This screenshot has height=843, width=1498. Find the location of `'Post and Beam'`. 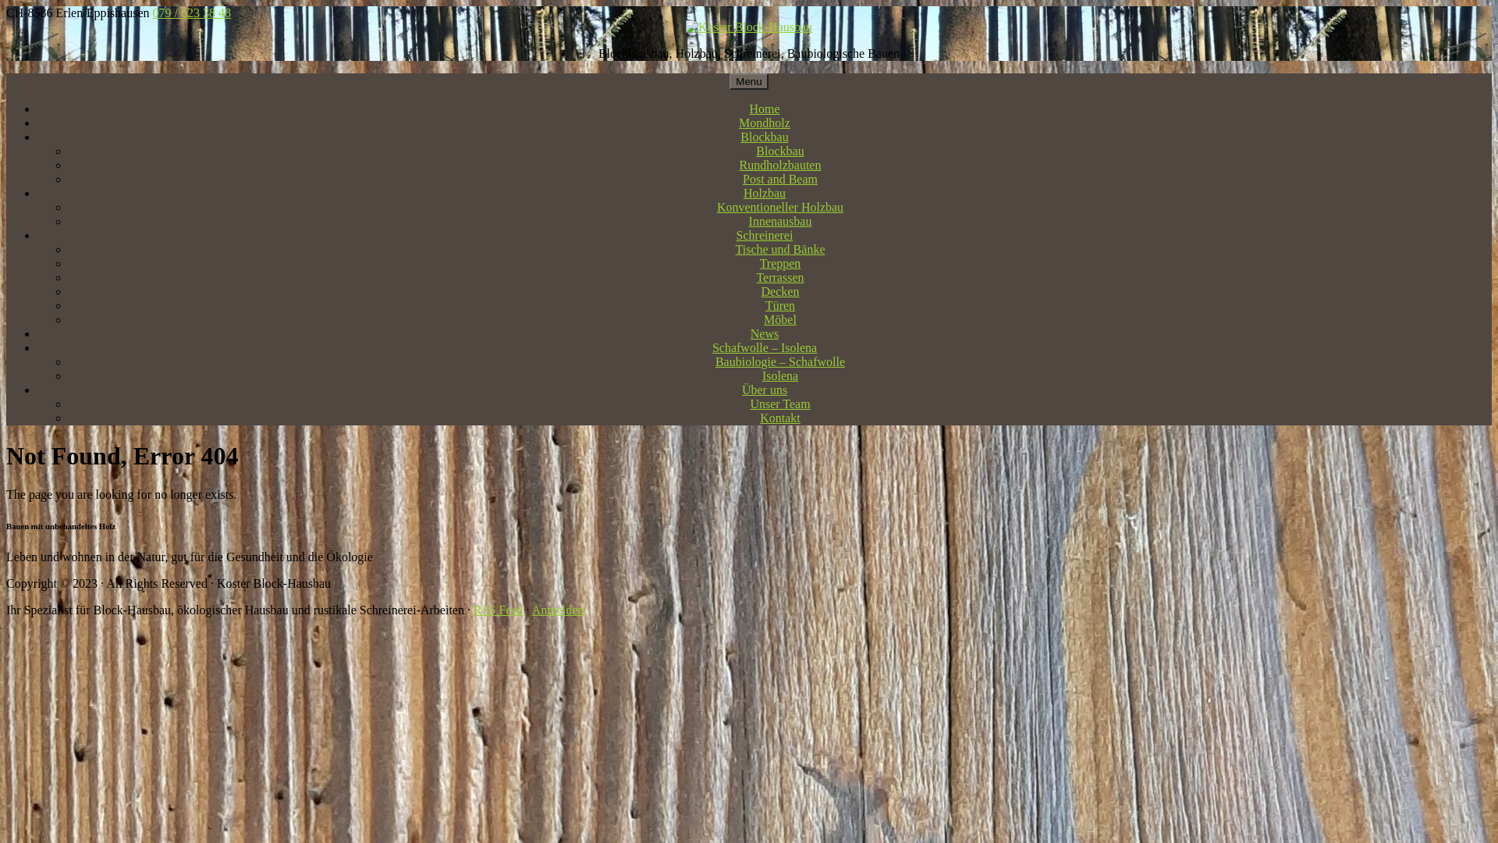

'Post and Beam' is located at coordinates (779, 178).